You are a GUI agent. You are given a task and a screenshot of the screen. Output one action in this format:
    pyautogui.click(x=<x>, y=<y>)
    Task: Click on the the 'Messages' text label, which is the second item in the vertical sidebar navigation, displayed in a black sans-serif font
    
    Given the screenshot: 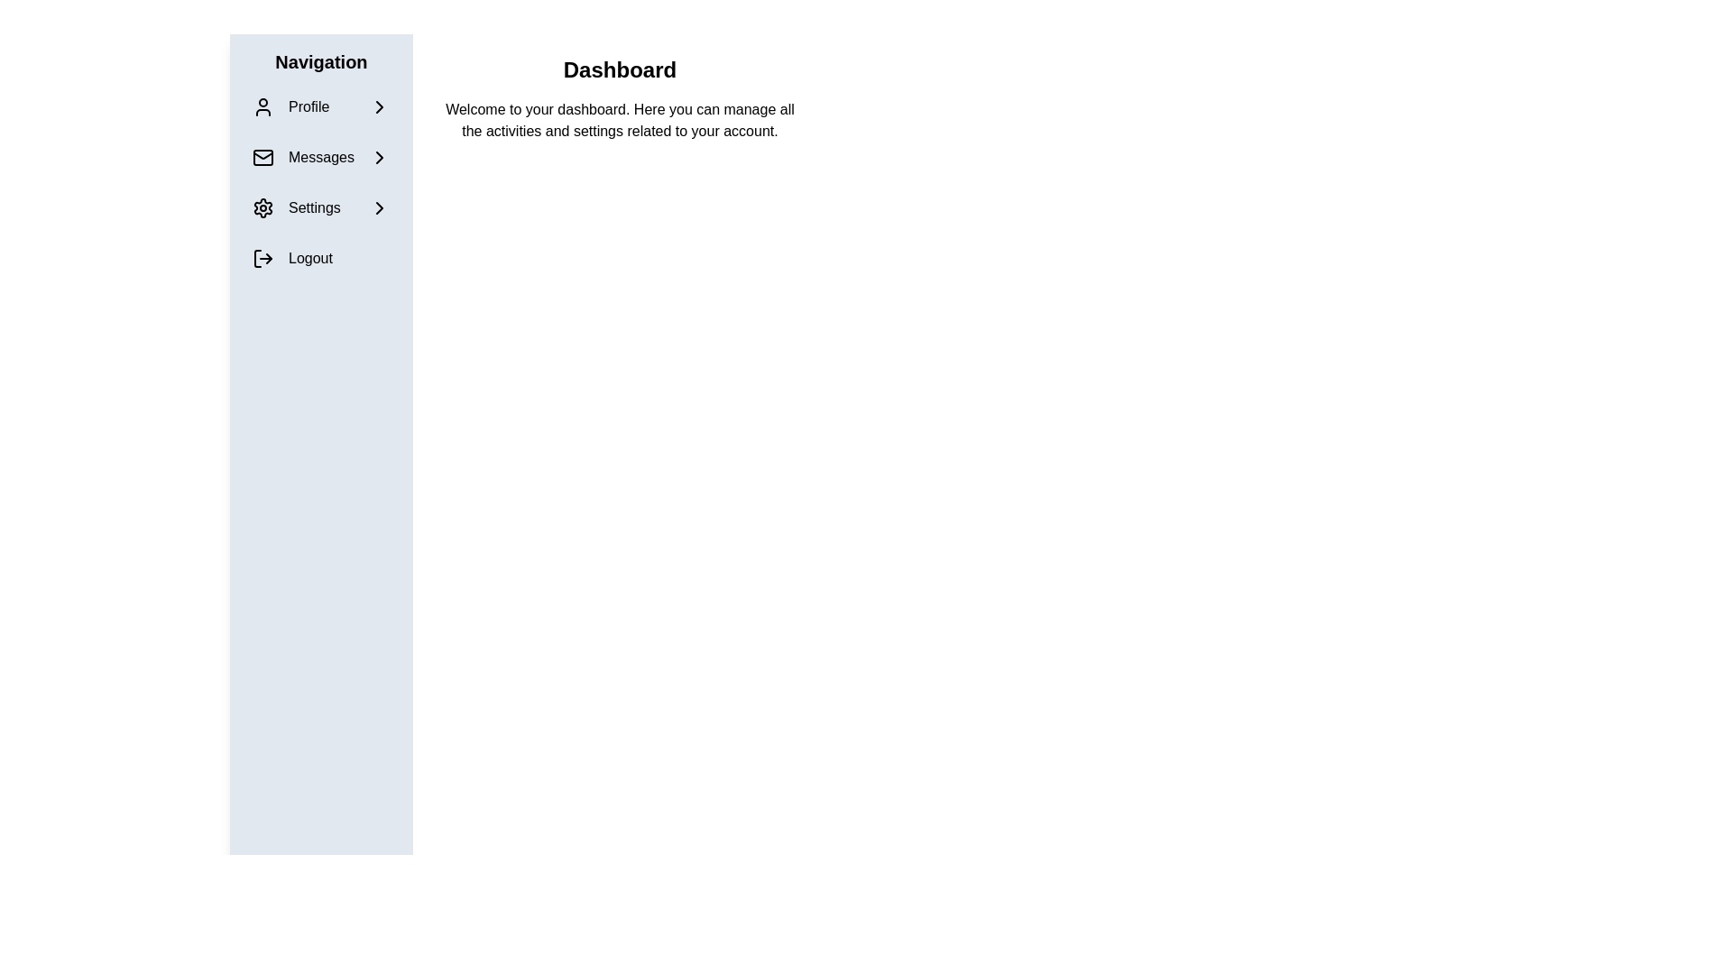 What is the action you would take?
    pyautogui.click(x=321, y=156)
    